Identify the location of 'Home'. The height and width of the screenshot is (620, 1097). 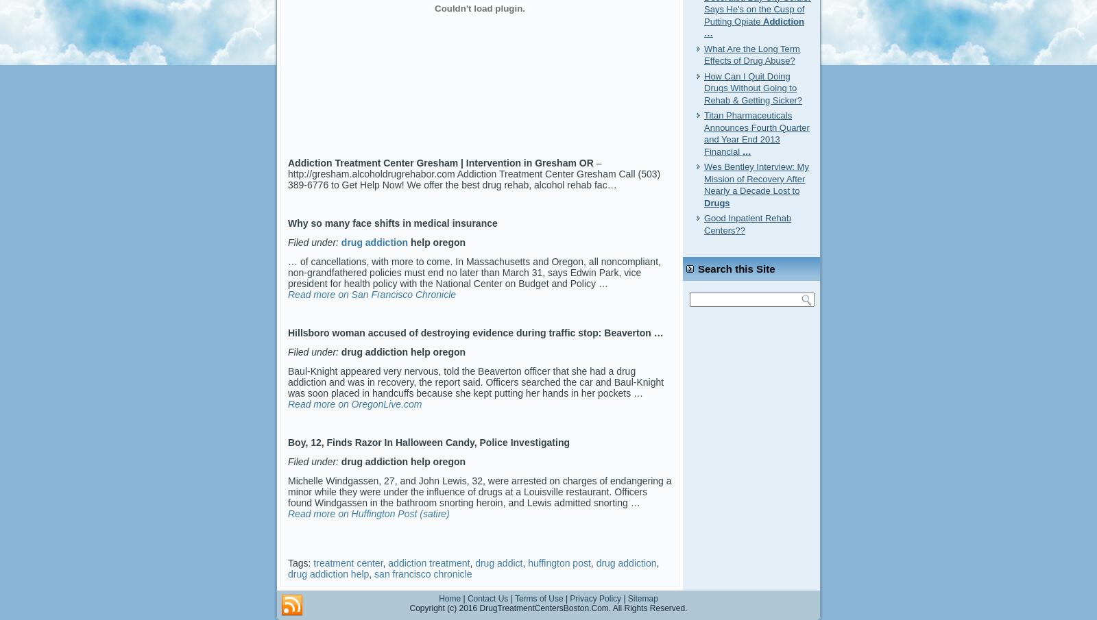
(439, 598).